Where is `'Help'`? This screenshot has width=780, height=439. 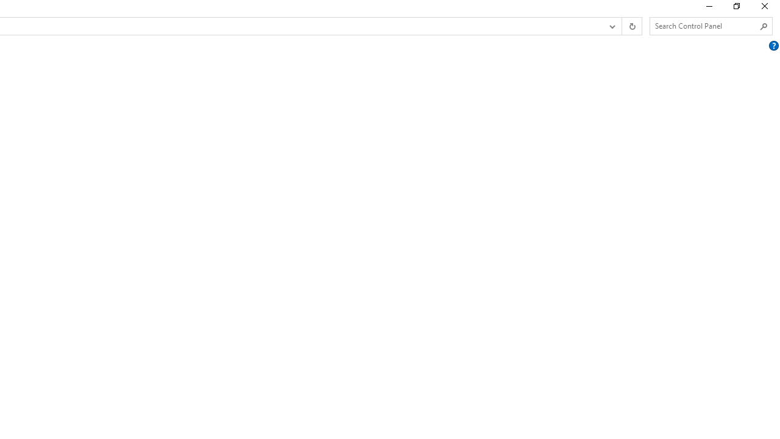
'Help' is located at coordinates (773, 45).